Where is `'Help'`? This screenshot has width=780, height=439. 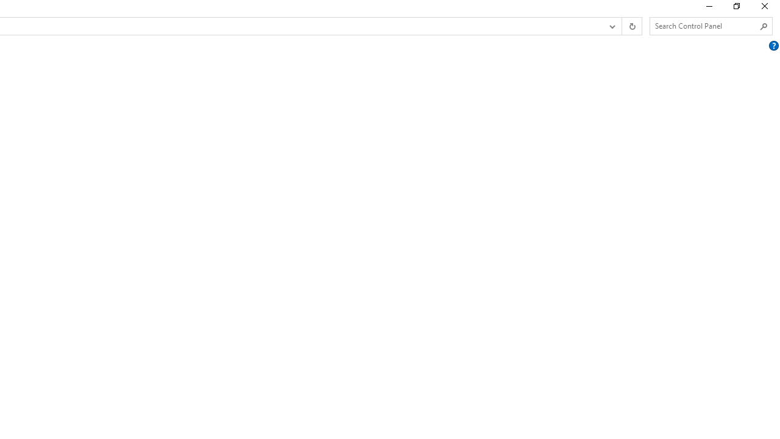
'Help' is located at coordinates (773, 45).